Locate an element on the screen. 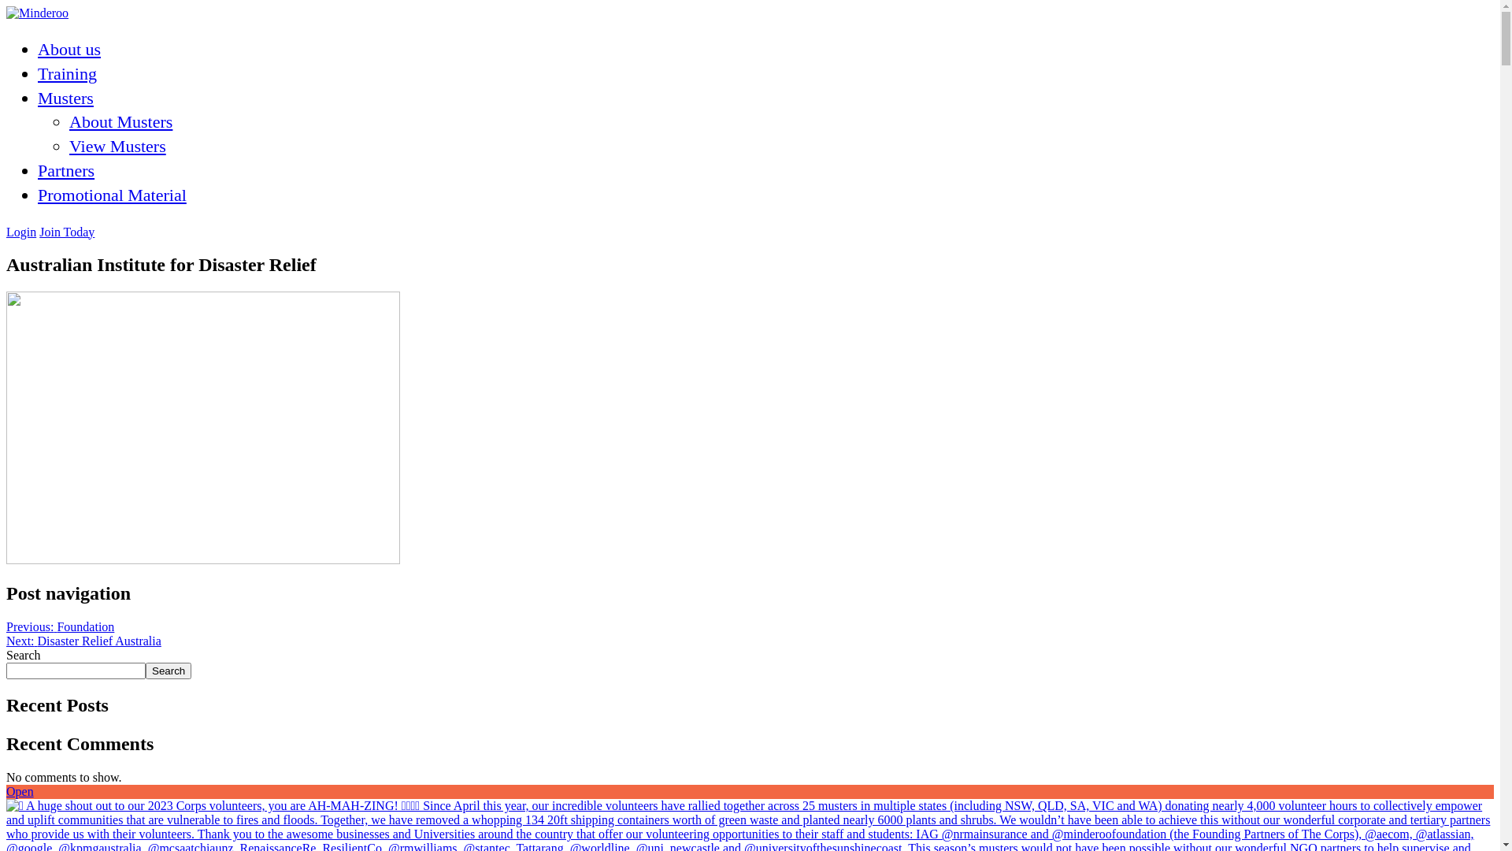 The width and height of the screenshot is (1512, 851). 'Promotional Material' is located at coordinates (111, 194).